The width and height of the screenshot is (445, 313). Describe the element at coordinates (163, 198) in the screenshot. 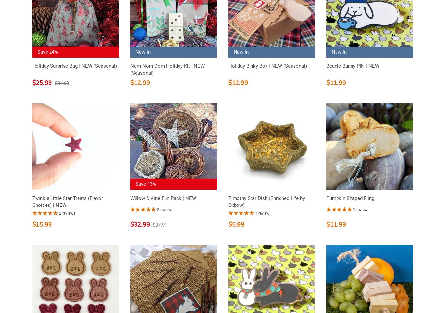

I see `'Willow & Vine Fun Pack | NEW'` at that location.